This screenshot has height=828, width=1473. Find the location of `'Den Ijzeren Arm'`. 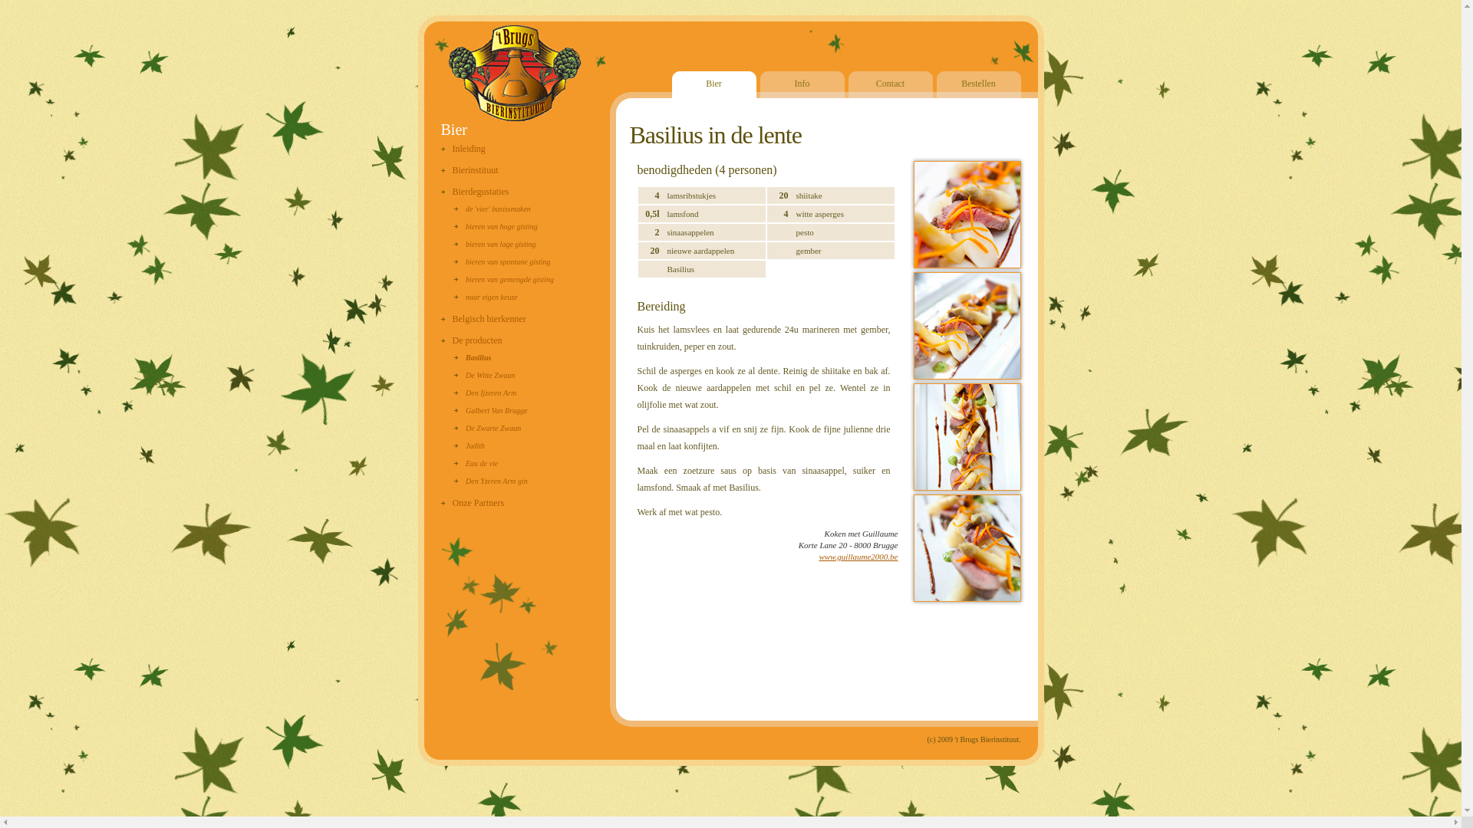

'Den Ijzeren Arm' is located at coordinates (484, 392).